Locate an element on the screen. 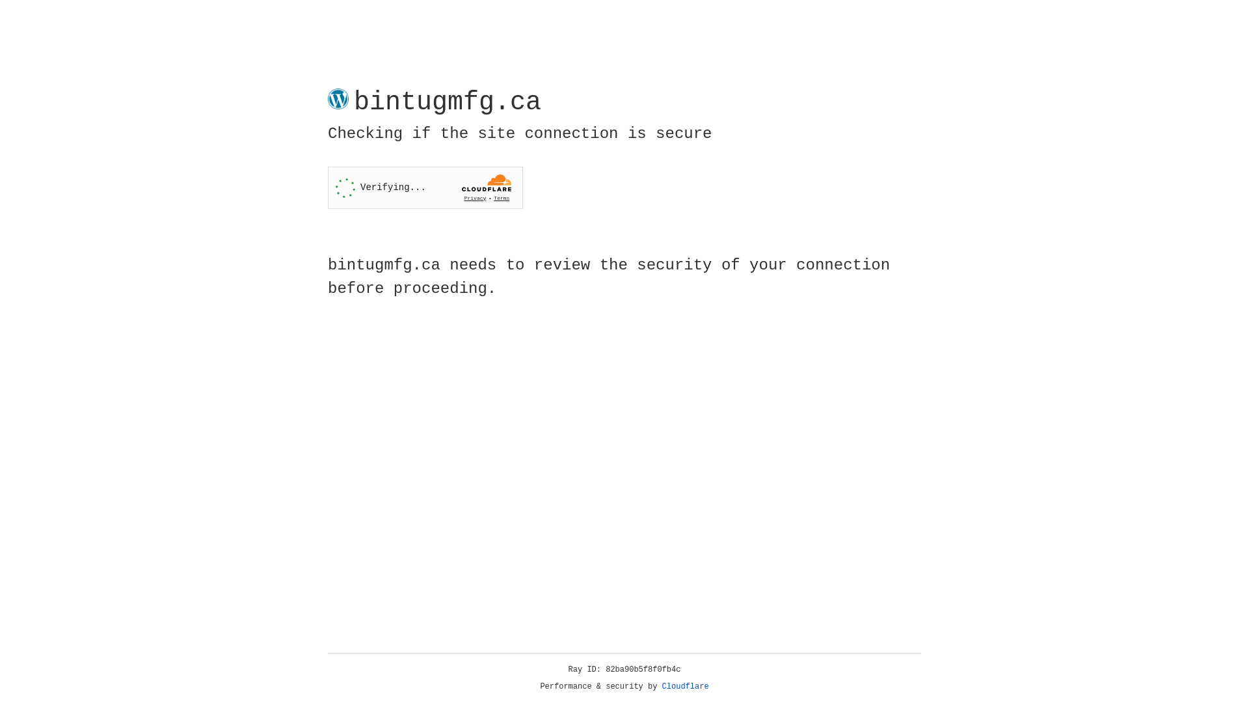 The height and width of the screenshot is (703, 1249). 'Cloudflare' is located at coordinates (685, 686).